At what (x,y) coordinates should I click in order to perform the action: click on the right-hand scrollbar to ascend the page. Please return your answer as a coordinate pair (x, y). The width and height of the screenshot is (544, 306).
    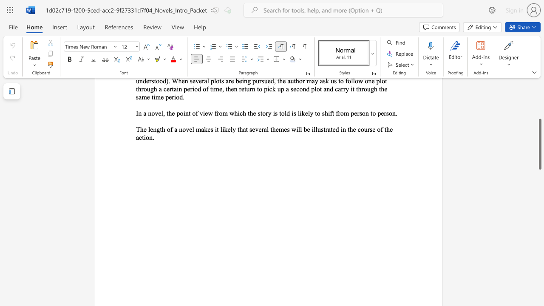
    Looking at the image, I should click on (539, 139).